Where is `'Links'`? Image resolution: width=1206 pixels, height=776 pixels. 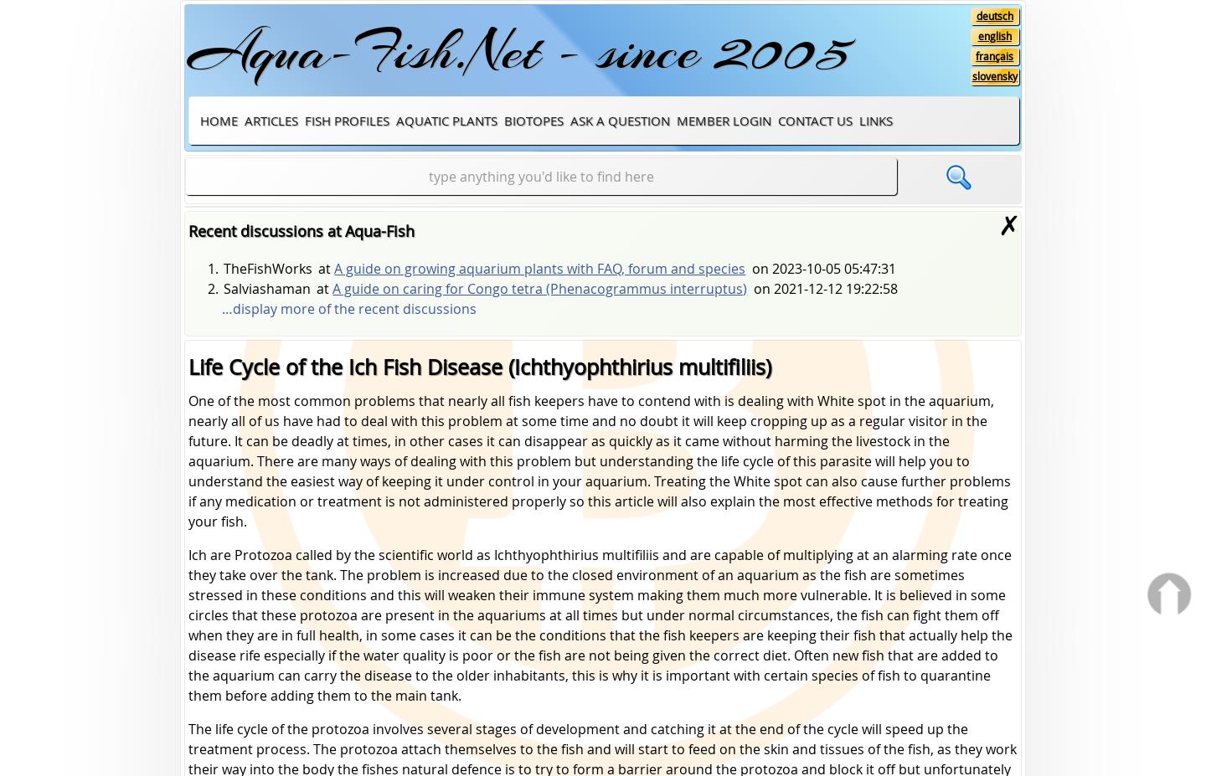 'Links' is located at coordinates (876, 119).